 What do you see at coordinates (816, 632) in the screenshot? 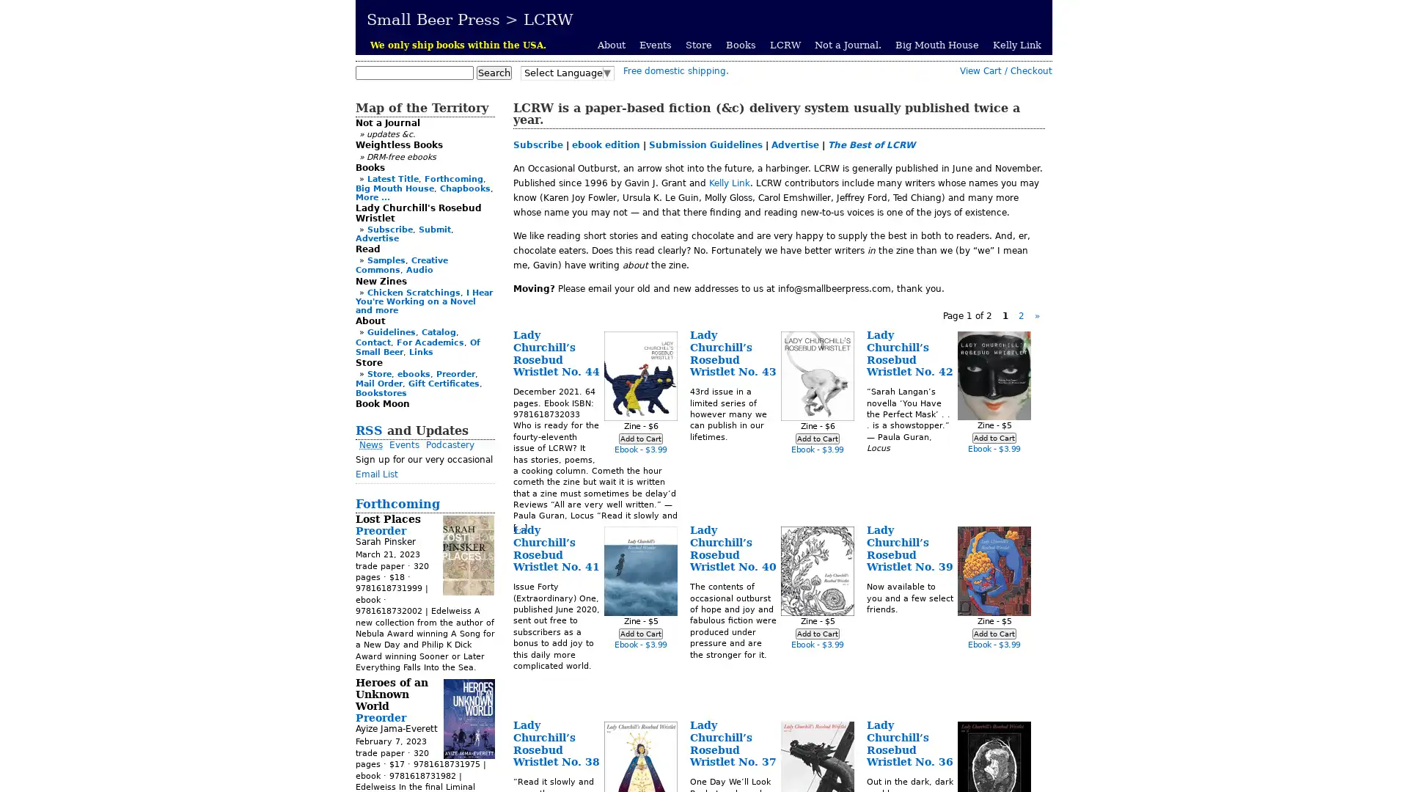
I see `Add to Cart` at bounding box center [816, 632].